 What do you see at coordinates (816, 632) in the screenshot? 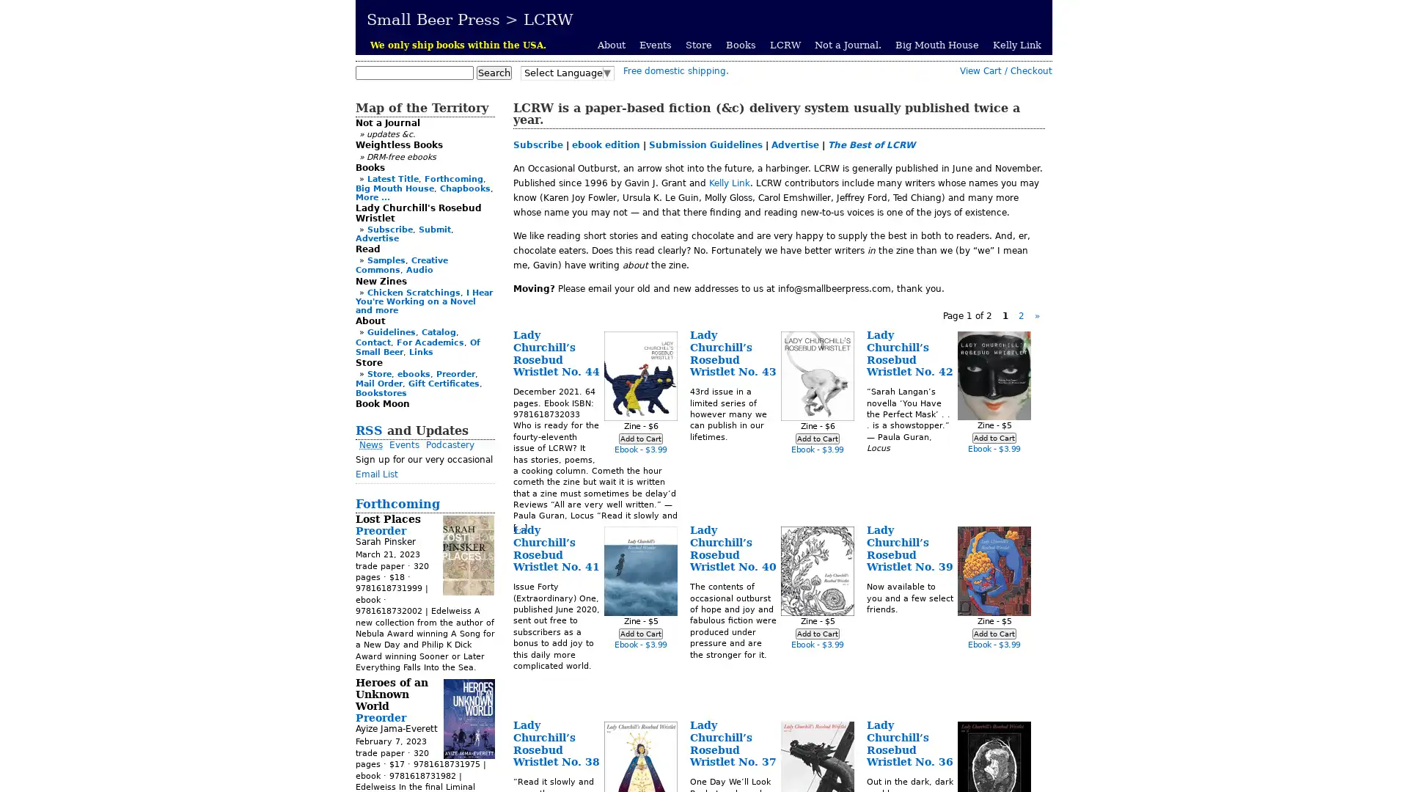
I see `Add to Cart` at bounding box center [816, 632].